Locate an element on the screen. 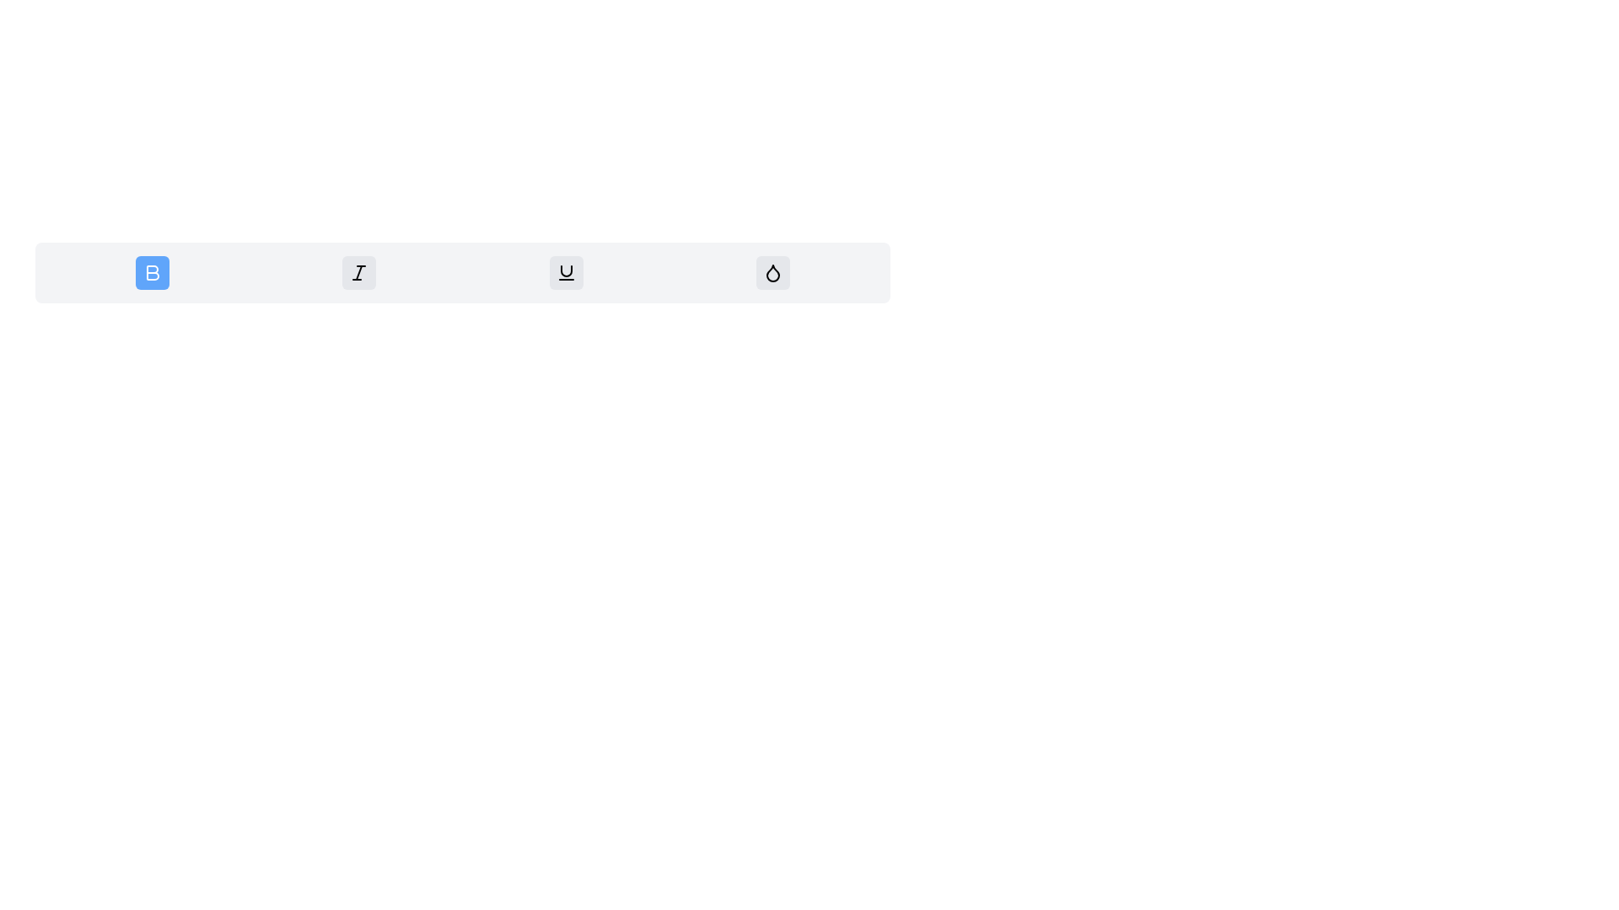  the bold text formatting icon located on the left side of the toolbar for keyboard navigation is located at coordinates (153, 272).